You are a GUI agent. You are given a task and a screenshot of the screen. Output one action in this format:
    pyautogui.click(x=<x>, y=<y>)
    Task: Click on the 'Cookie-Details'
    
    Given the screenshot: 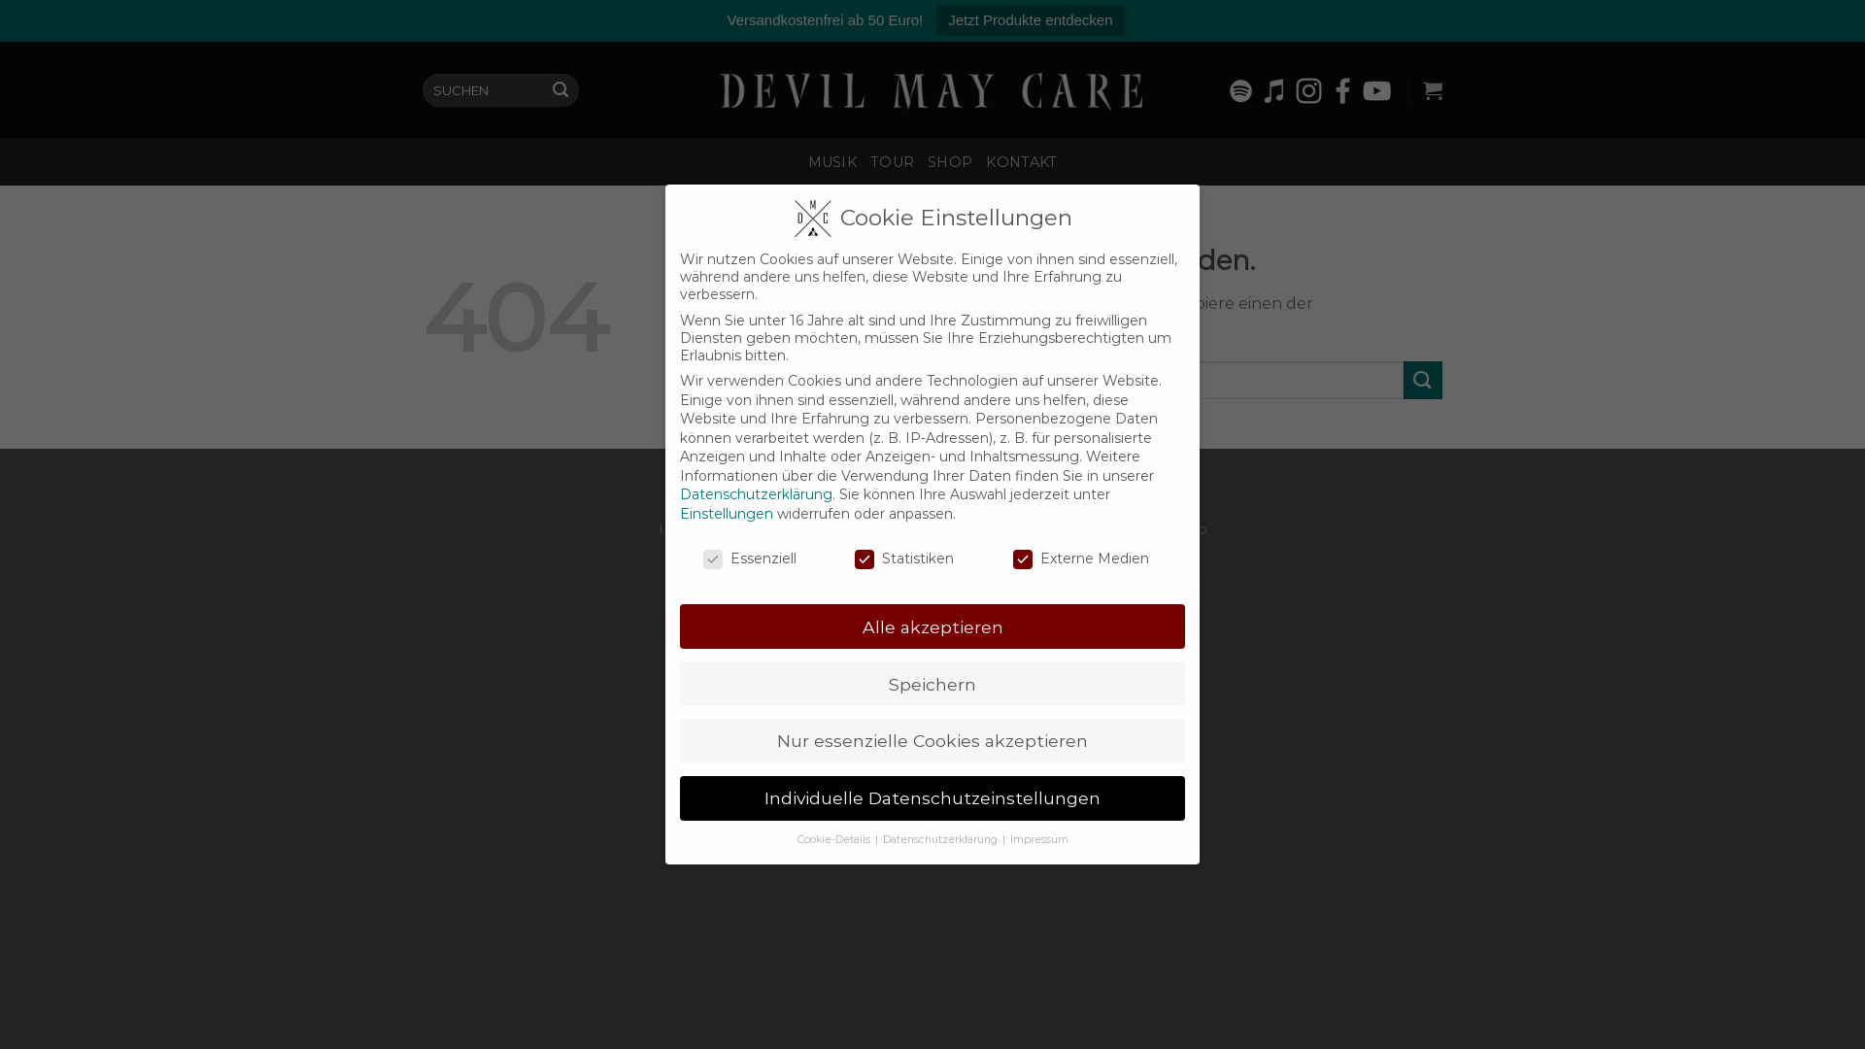 What is the action you would take?
    pyautogui.click(x=834, y=838)
    